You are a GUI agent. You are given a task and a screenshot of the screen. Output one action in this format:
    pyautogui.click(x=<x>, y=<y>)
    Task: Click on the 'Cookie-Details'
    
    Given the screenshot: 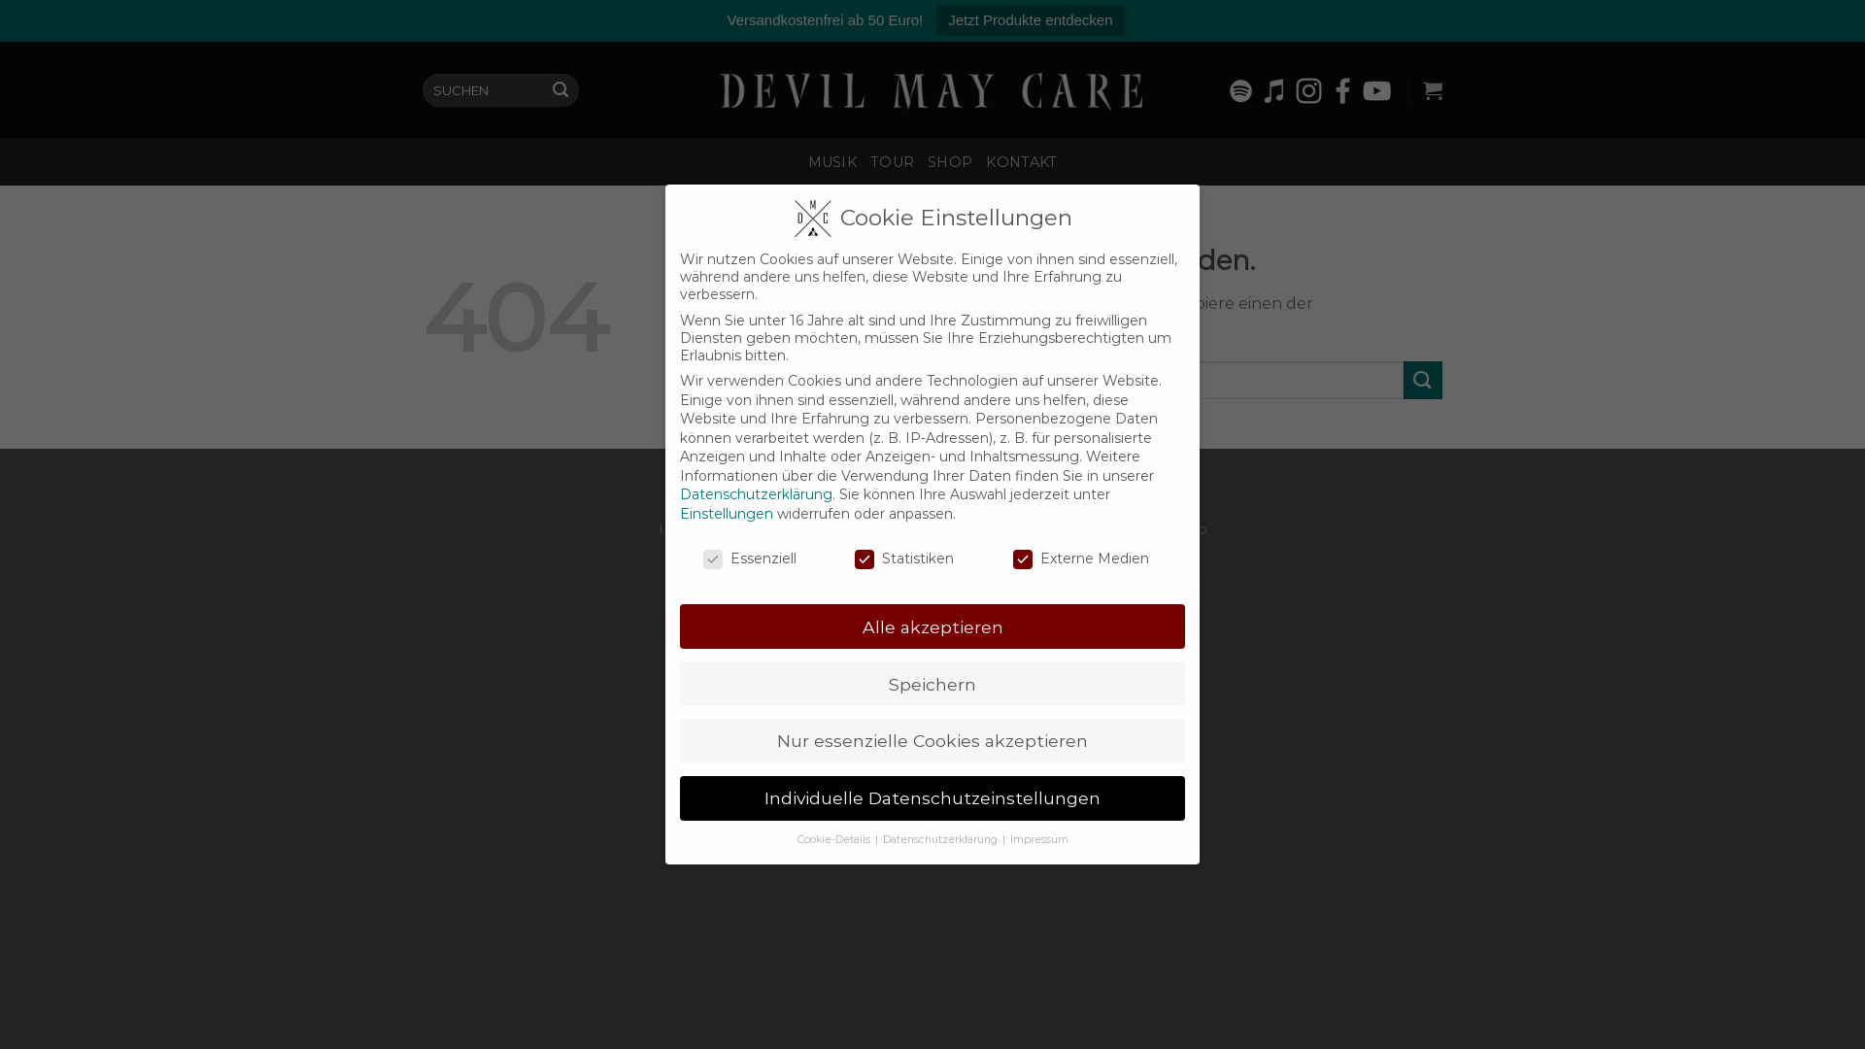 What is the action you would take?
    pyautogui.click(x=834, y=838)
    